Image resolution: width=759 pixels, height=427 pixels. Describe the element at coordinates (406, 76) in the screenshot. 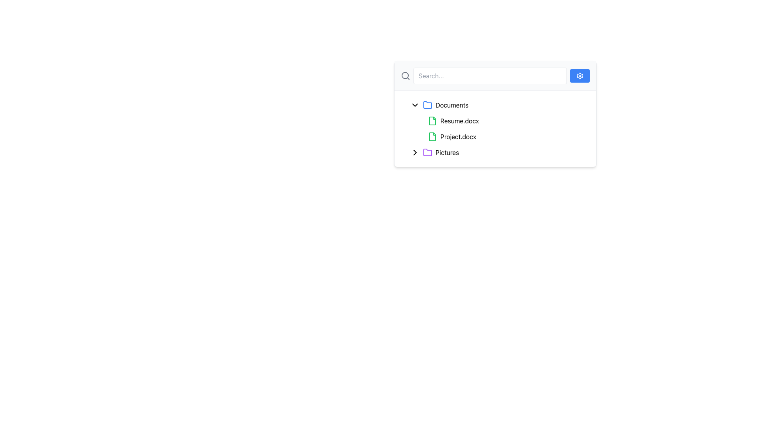

I see `the magnifying glass icon located to the left of the search bar, which is styled in gray and serves as a search symbol` at that location.